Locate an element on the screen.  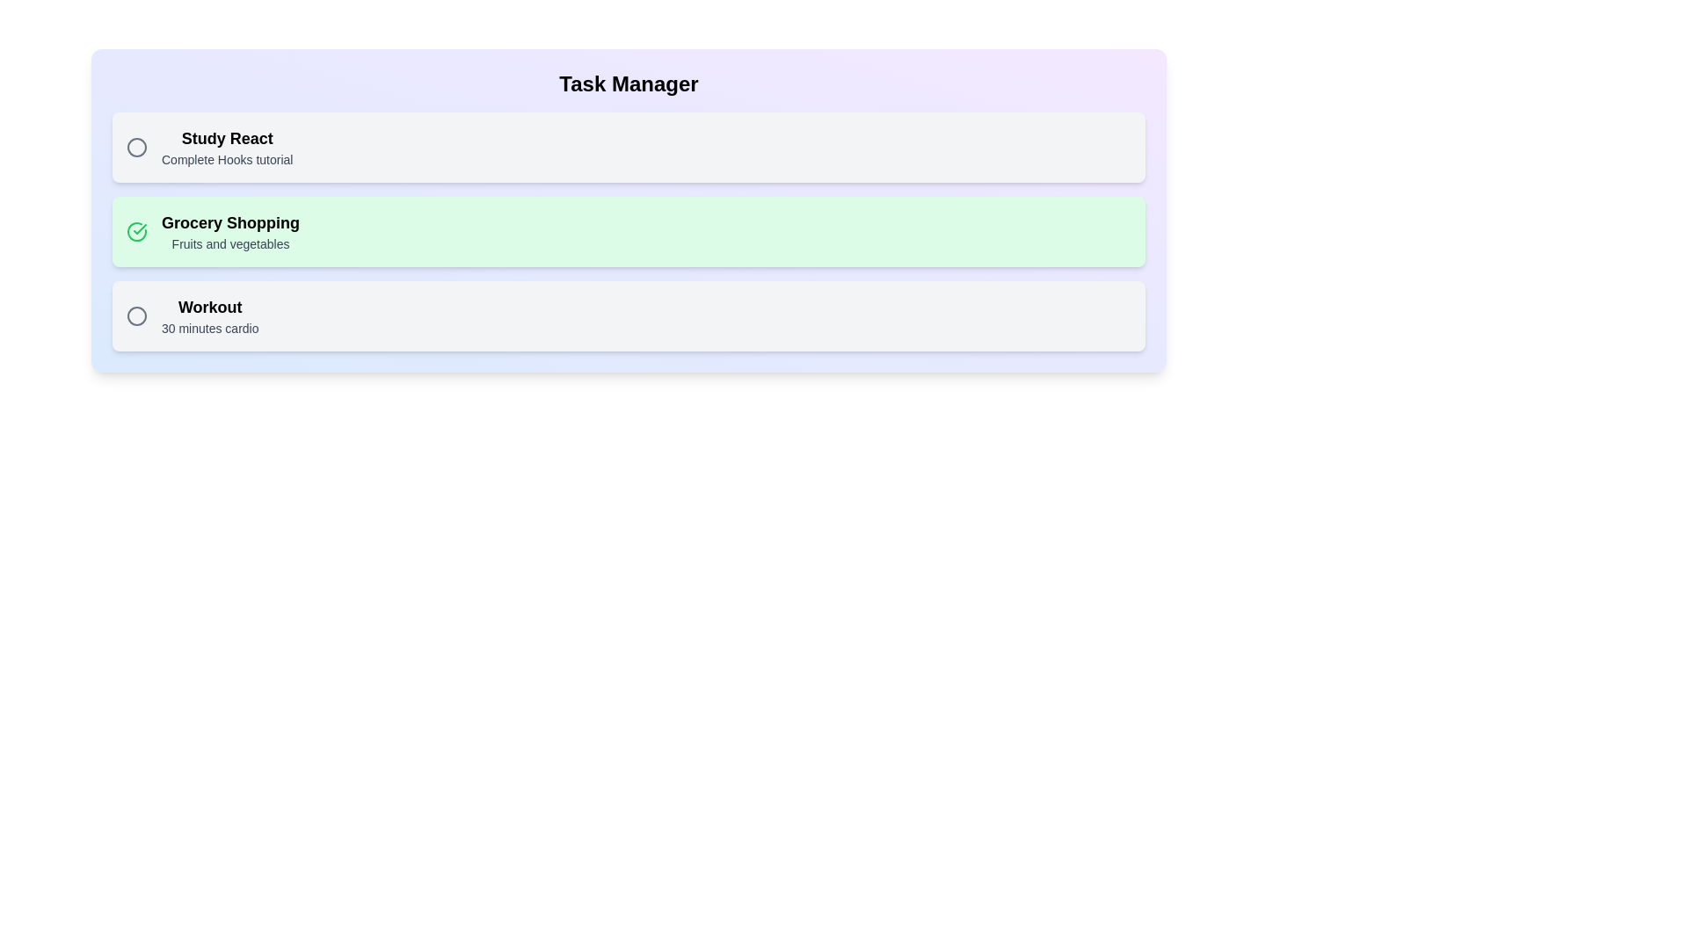
the text label that states 'Complete Hooks tutorial', which is a smaller gray font located directly beneath the title 'Study React' is located at coordinates (226, 159).